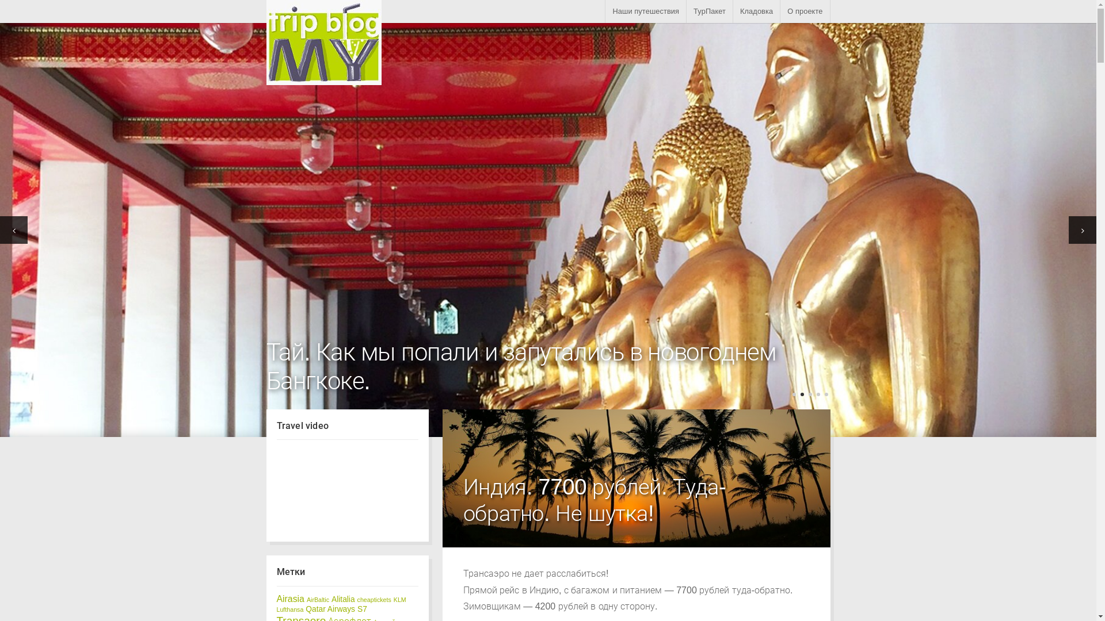 Image resolution: width=1105 pixels, height=621 pixels. I want to click on '4', so click(815, 394).